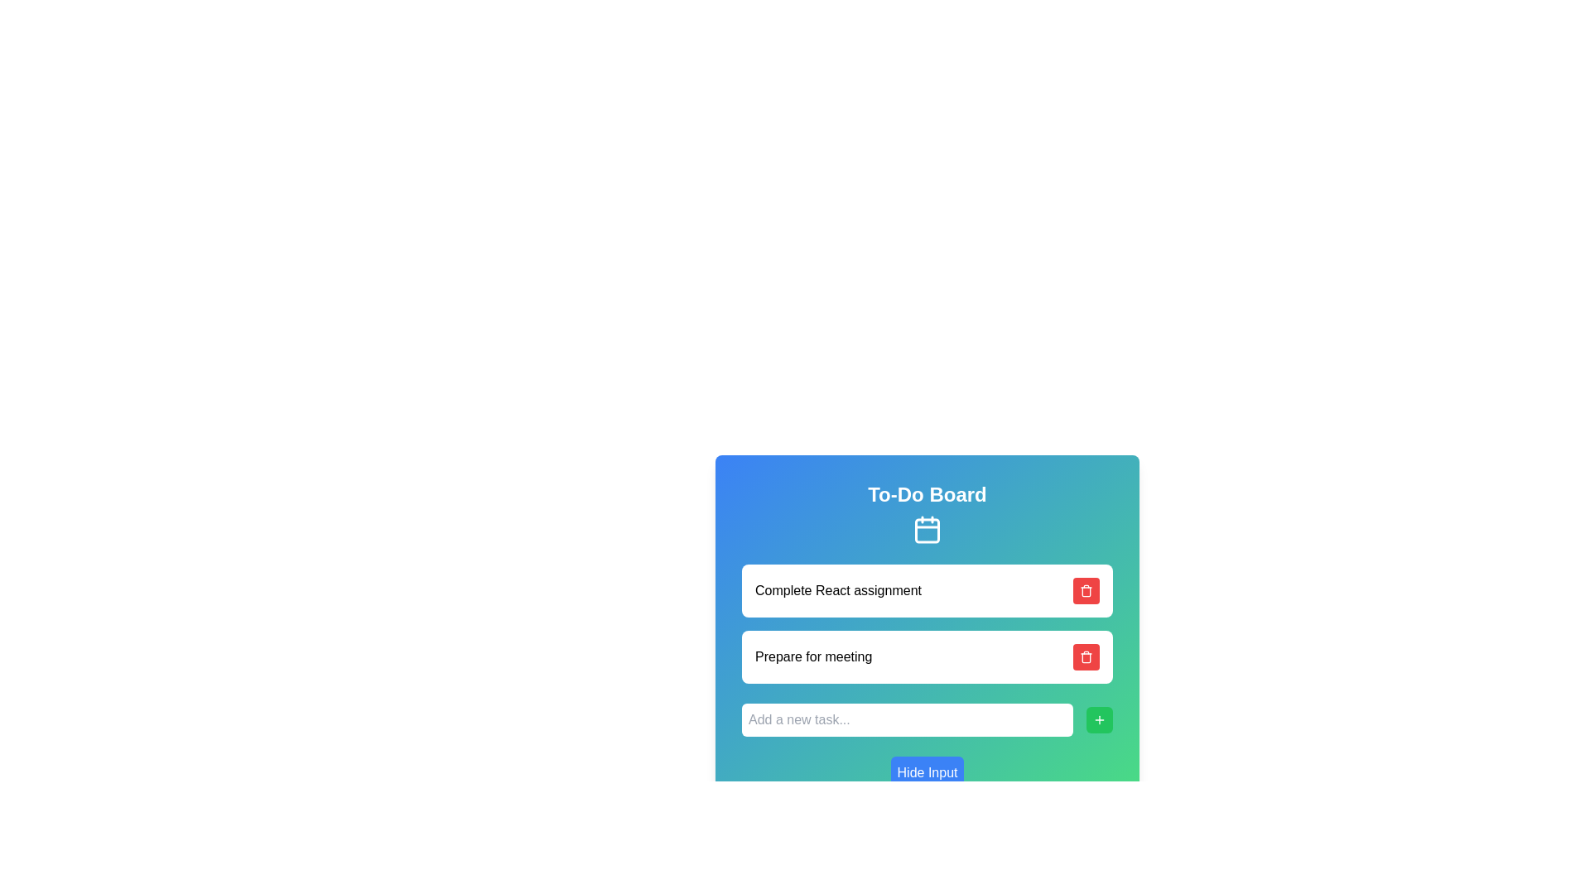 The image size is (1590, 894). Describe the element at coordinates (926, 634) in the screenshot. I see `the second interactive list item representing the task 'Prepare for meeting'` at that location.